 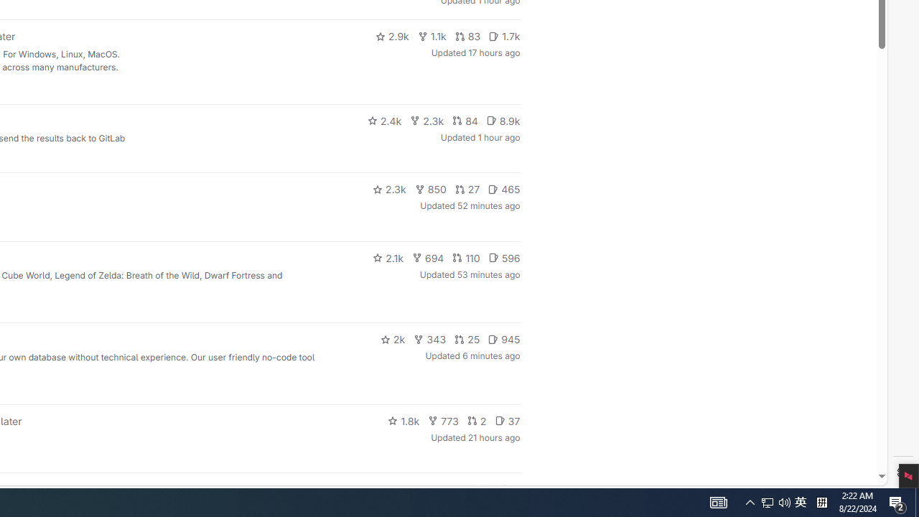 I want to click on '110', so click(x=466, y=256).